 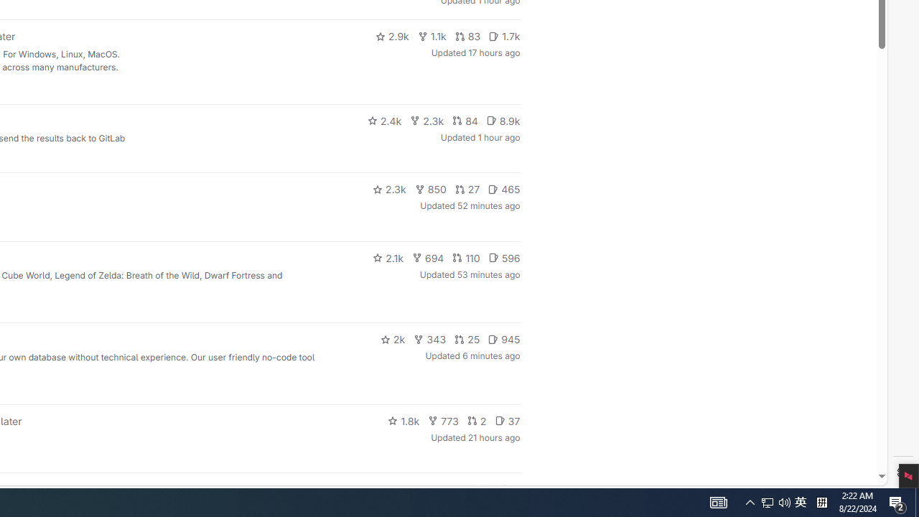 I want to click on '110', so click(x=466, y=256).